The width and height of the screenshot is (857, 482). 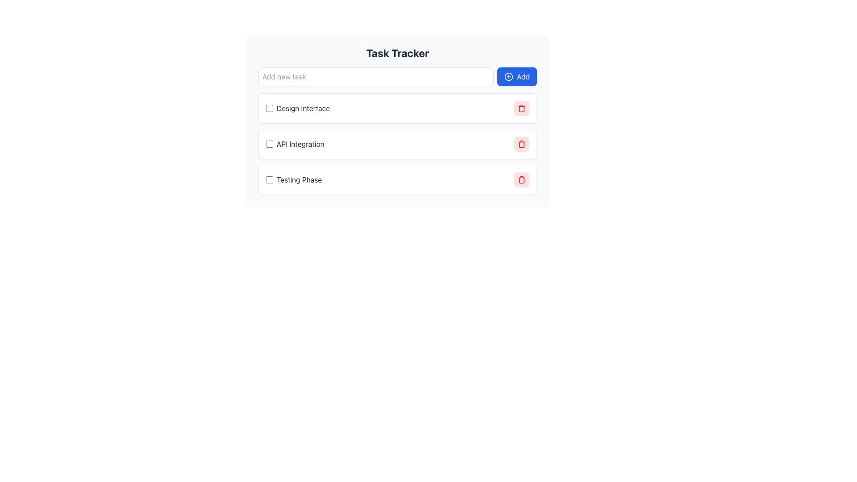 I want to click on the checkbox for 'API Integration', so click(x=269, y=144).